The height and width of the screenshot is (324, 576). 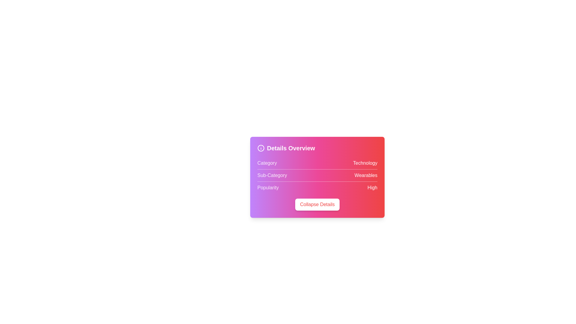 I want to click on the circular 'info' icon with a purple-to-pink gradient background located at the top-left corner of the 'Details Overview' card, so click(x=261, y=148).